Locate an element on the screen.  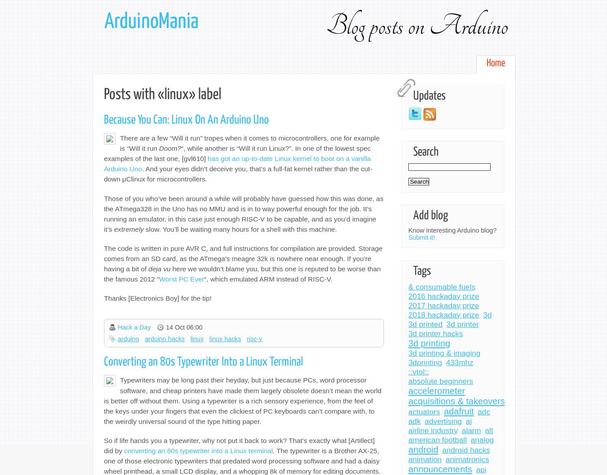
'adafruit' is located at coordinates (458, 411).